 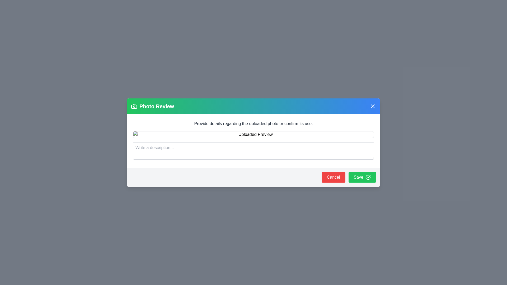 I want to click on 'Cancel' button to close the dialog, so click(x=333, y=177).